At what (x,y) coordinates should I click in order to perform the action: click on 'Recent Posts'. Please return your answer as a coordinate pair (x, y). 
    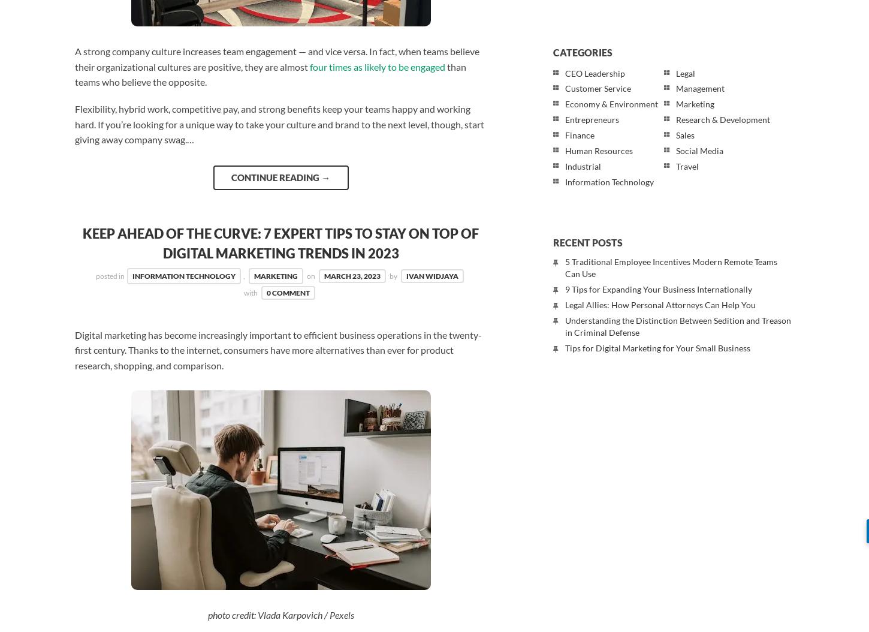
    Looking at the image, I should click on (587, 242).